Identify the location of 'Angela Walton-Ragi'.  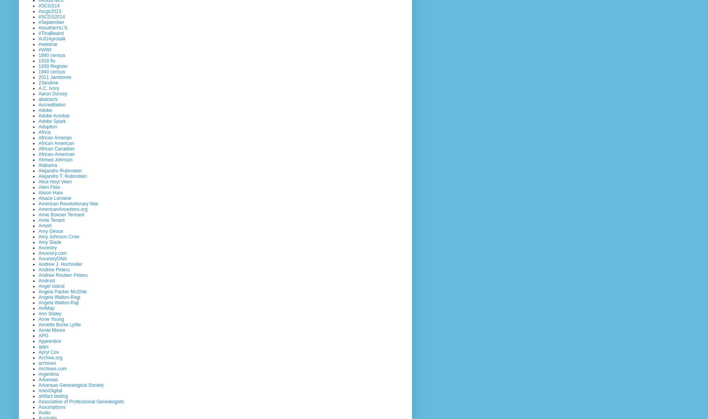
(59, 296).